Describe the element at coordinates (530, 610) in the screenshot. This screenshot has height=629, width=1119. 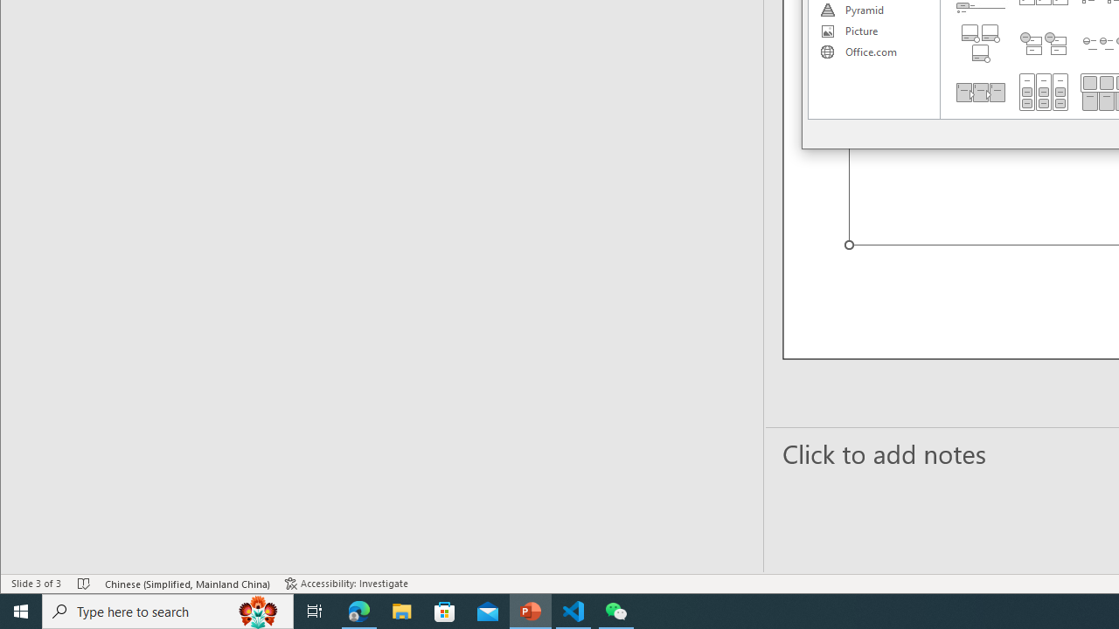
I see `'PowerPoint - 1 running window'` at that location.